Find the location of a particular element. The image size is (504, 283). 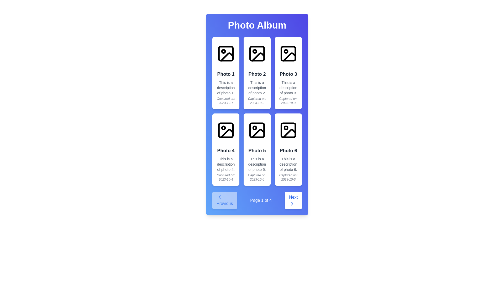

the Graphic Icon Detail located in the upper-left corner of the 'Photo 5' thumbnail is located at coordinates (255, 128).